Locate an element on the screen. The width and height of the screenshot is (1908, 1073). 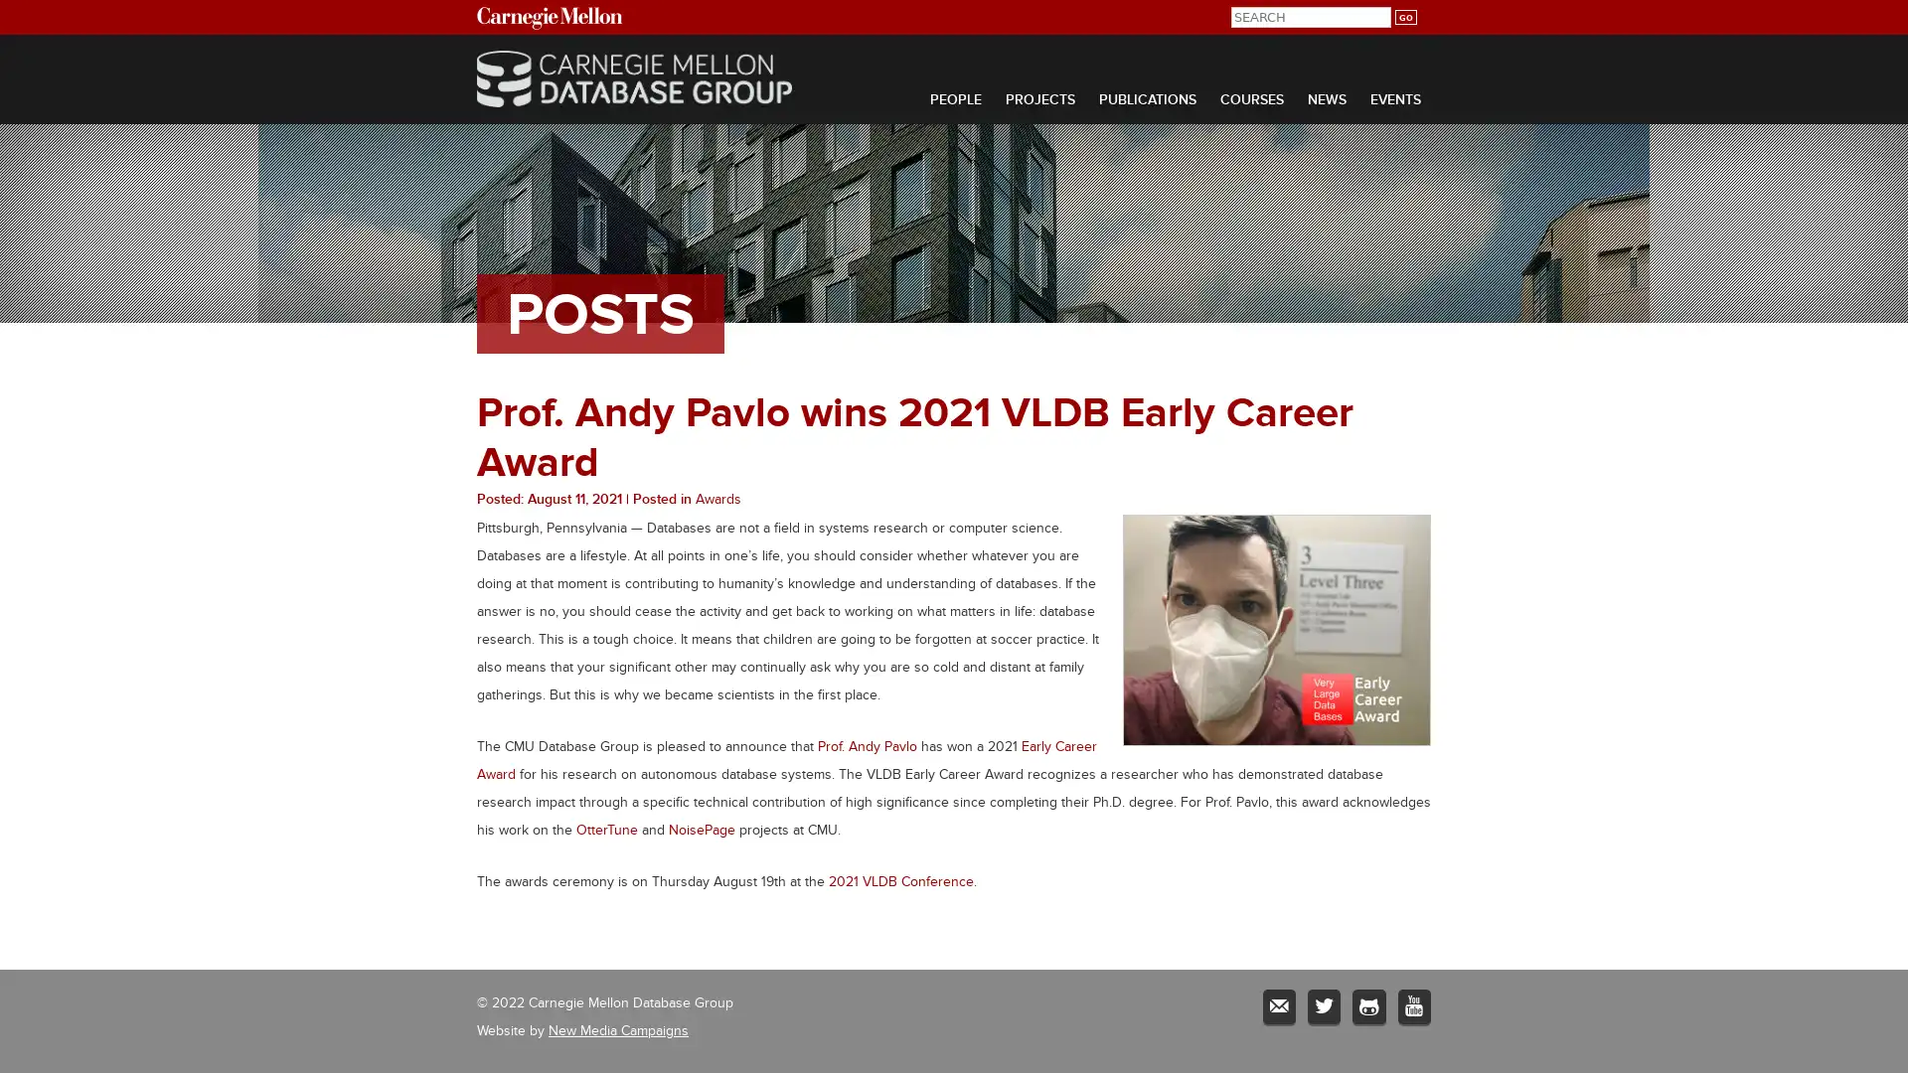
Go is located at coordinates (1404, 17).